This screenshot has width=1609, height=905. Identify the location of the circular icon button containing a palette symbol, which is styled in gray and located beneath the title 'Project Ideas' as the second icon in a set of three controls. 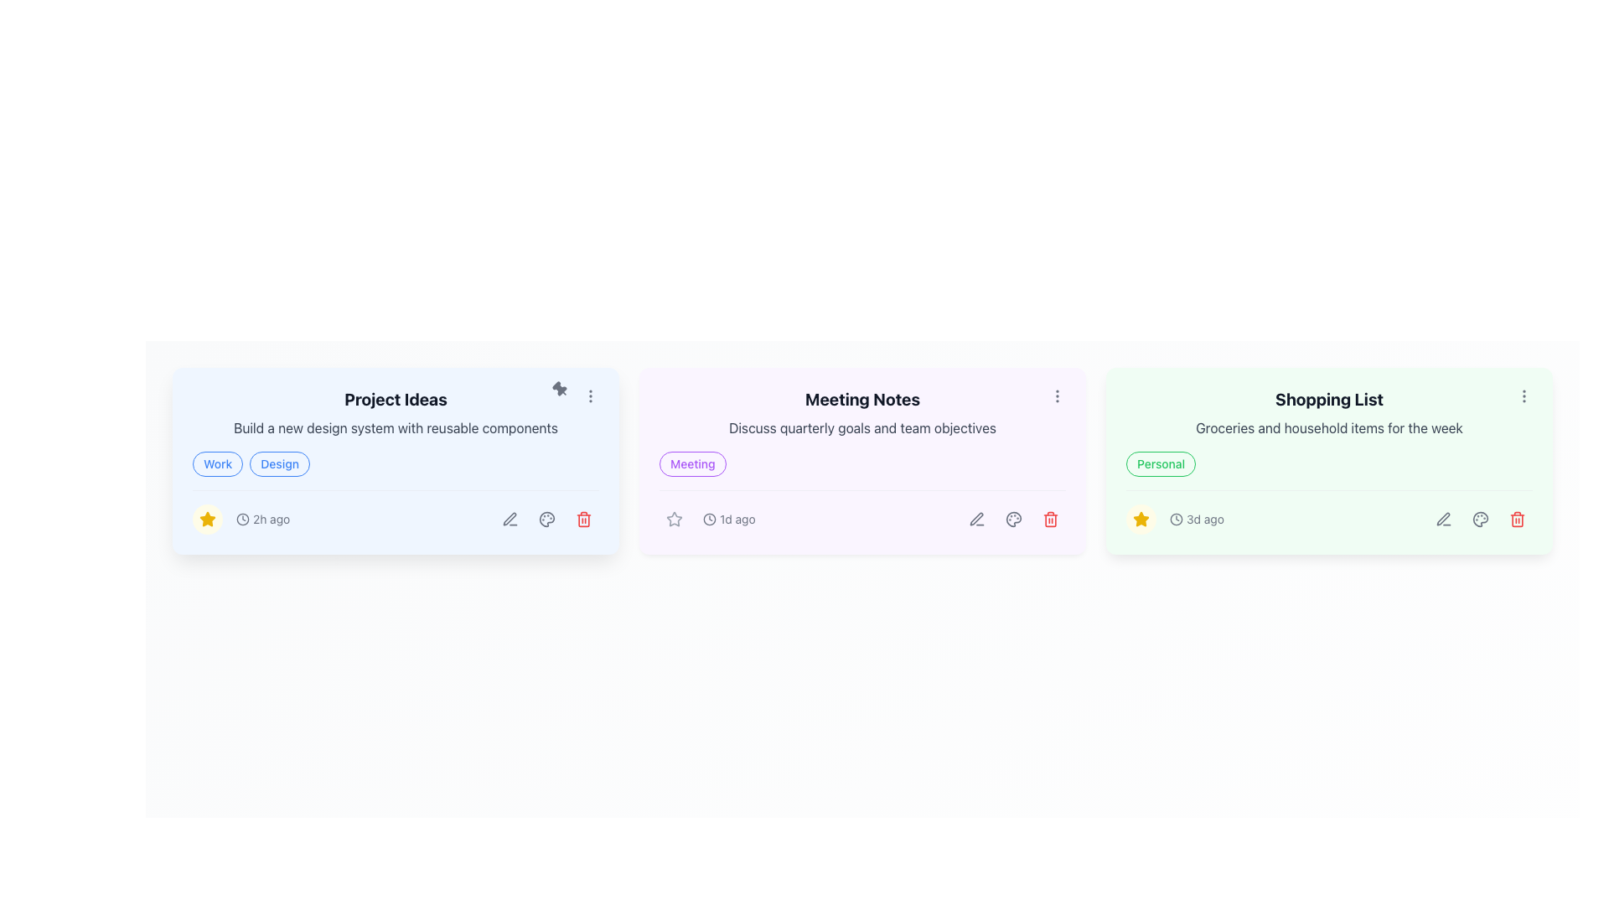
(546, 519).